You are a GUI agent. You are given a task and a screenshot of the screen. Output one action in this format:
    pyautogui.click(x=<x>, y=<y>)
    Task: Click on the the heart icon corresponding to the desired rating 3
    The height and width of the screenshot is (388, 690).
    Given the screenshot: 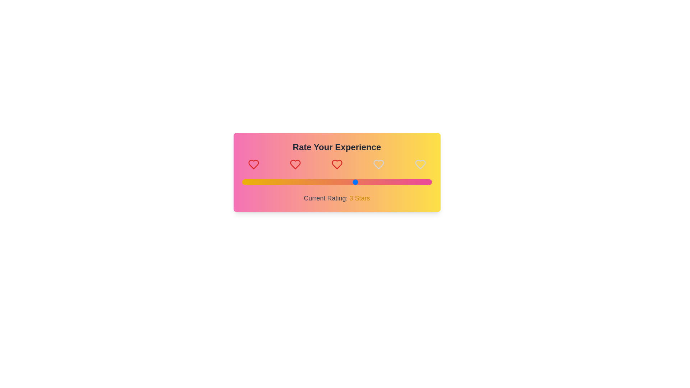 What is the action you would take?
    pyautogui.click(x=336, y=165)
    